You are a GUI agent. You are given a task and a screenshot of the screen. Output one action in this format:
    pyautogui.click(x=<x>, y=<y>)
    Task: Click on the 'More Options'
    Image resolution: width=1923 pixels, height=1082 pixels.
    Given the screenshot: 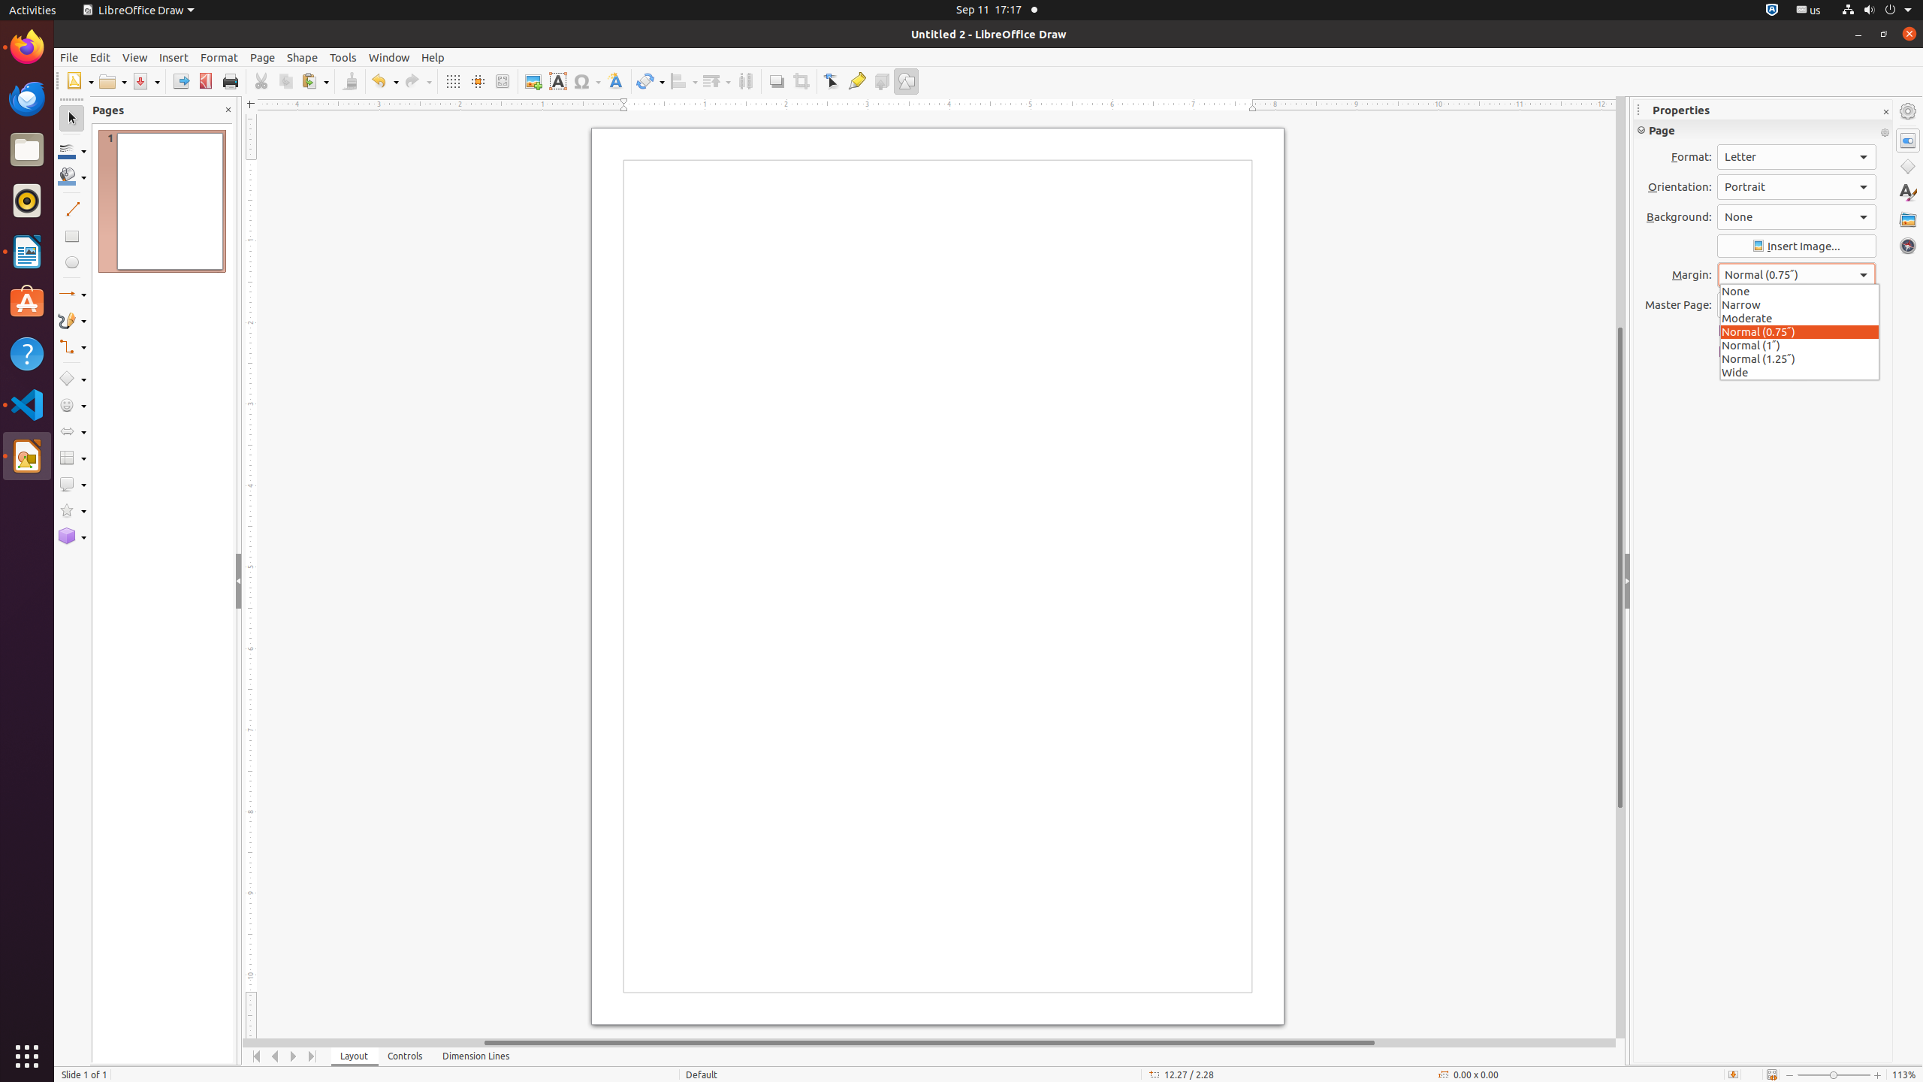 What is the action you would take?
    pyautogui.click(x=1884, y=132)
    